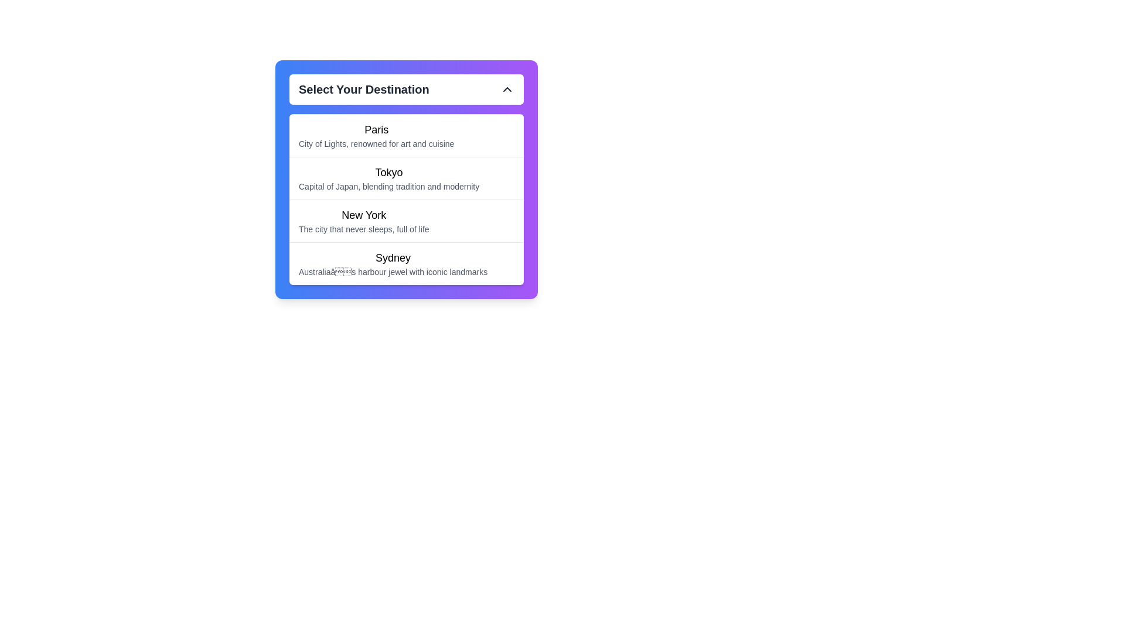 The height and width of the screenshot is (632, 1125). What do you see at coordinates (407, 180) in the screenshot?
I see `the Dropdown menu with additional contextual information, which features vertically listed destination options and highlights hovered items` at bounding box center [407, 180].